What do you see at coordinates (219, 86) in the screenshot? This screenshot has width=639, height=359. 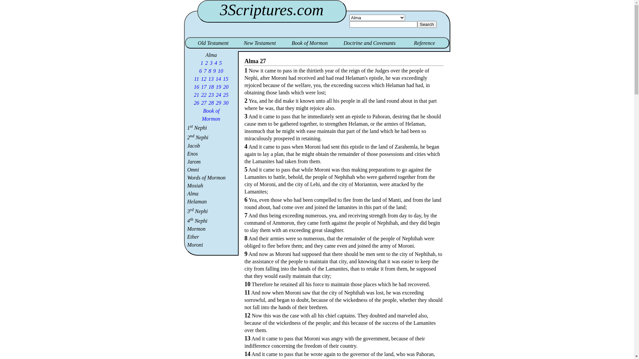 I see `'19'` at bounding box center [219, 86].